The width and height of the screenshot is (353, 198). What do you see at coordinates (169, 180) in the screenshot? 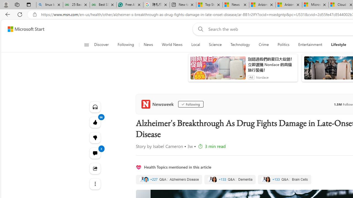
I see `'Alzheimers Disease'` at bounding box center [169, 180].